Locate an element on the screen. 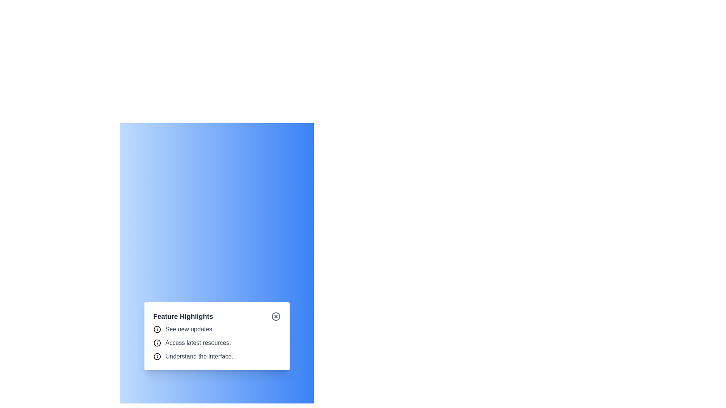 The height and width of the screenshot is (408, 726). the second SVG circle element of an icon, which is part of a vertical list of similar symbols is located at coordinates (157, 343).